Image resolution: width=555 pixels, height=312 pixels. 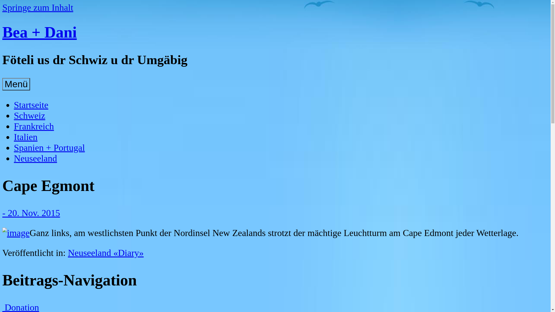 What do you see at coordinates (29, 116) in the screenshot?
I see `'Schweiz'` at bounding box center [29, 116].